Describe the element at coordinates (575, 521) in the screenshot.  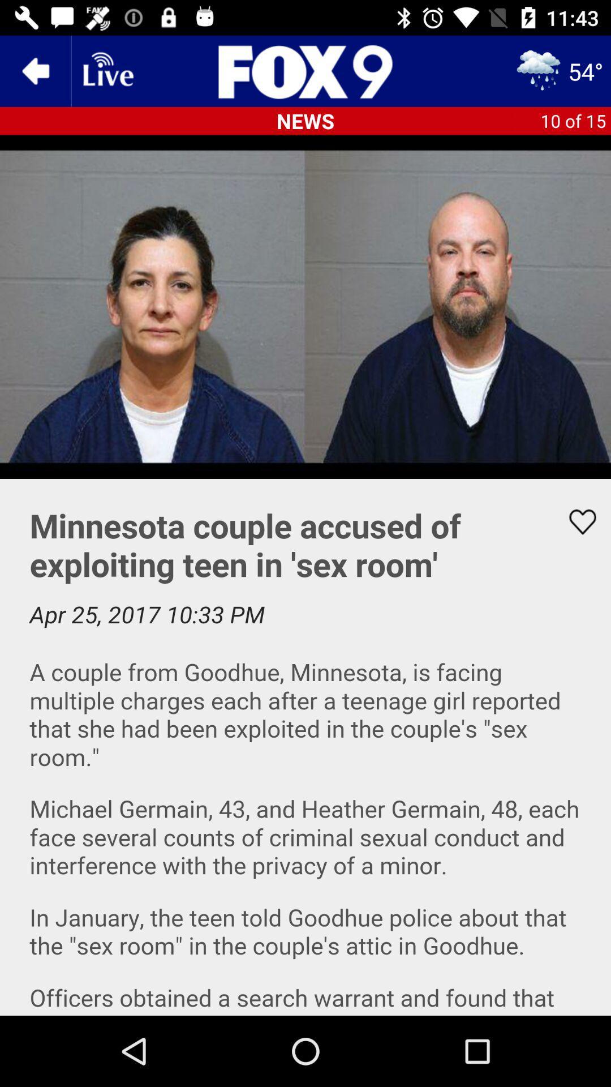
I see `the favorite icon` at that location.